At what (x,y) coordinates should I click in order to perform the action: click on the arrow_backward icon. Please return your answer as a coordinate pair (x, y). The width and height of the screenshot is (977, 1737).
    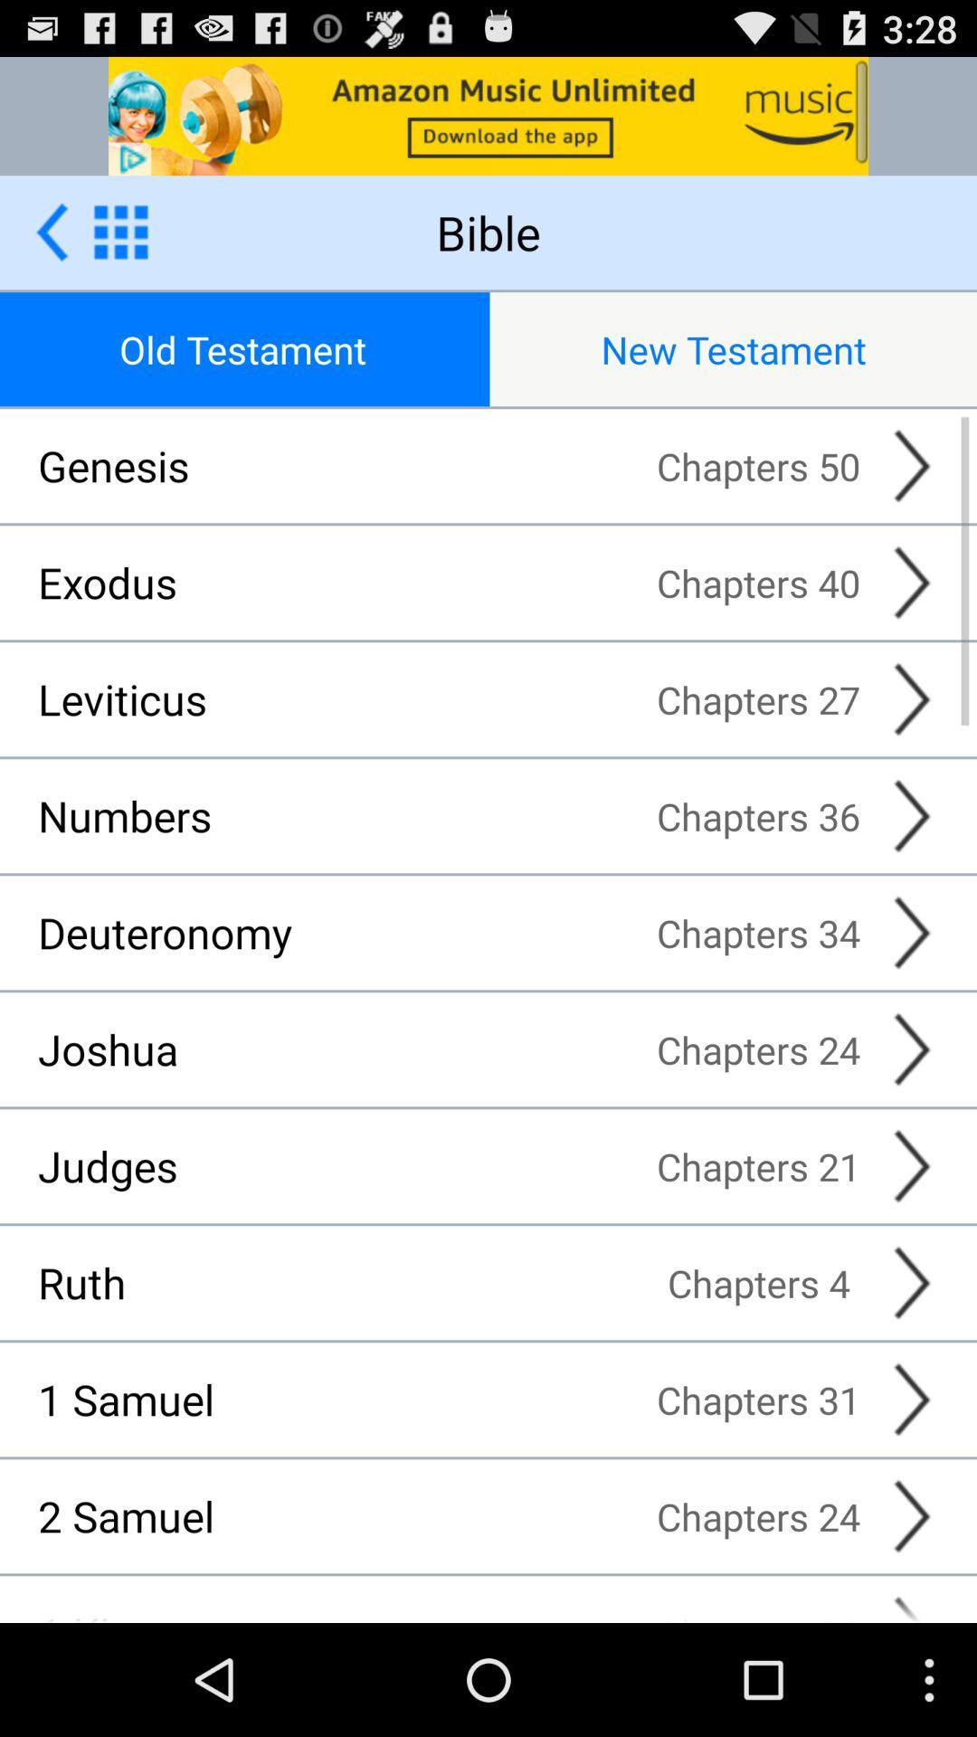
    Looking at the image, I should click on (51, 247).